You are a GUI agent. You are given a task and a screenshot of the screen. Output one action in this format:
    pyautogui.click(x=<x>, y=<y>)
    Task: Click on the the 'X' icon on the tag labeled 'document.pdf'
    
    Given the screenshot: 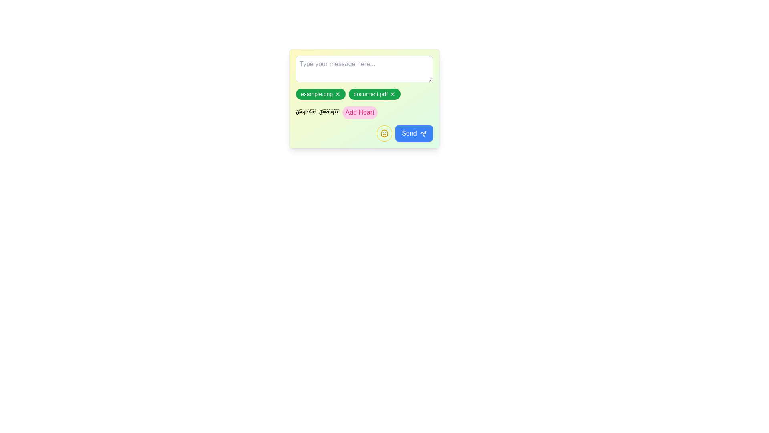 What is the action you would take?
    pyautogui.click(x=374, y=94)
    